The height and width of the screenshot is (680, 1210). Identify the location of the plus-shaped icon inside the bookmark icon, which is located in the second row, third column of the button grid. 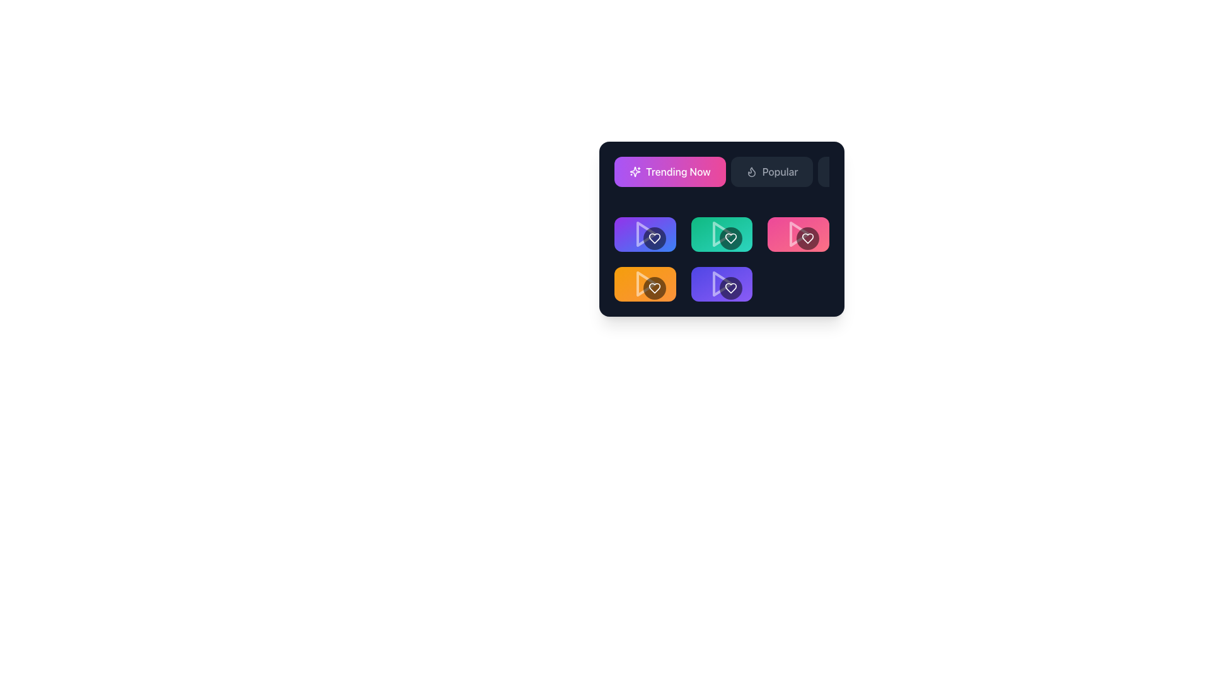
(757, 229).